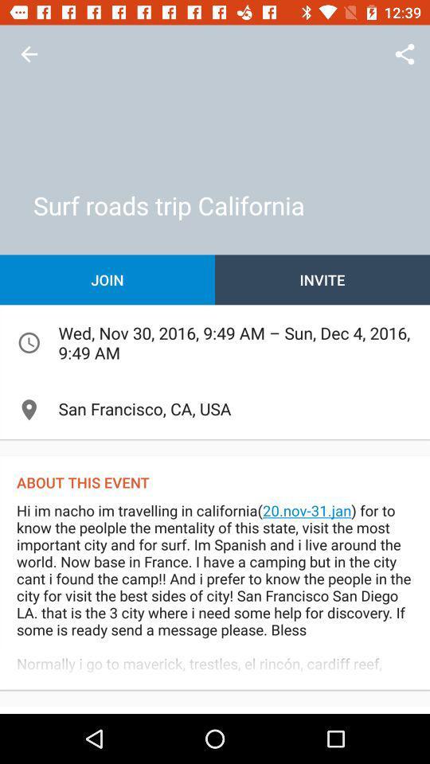  Describe the element at coordinates (29, 54) in the screenshot. I see `go back` at that location.